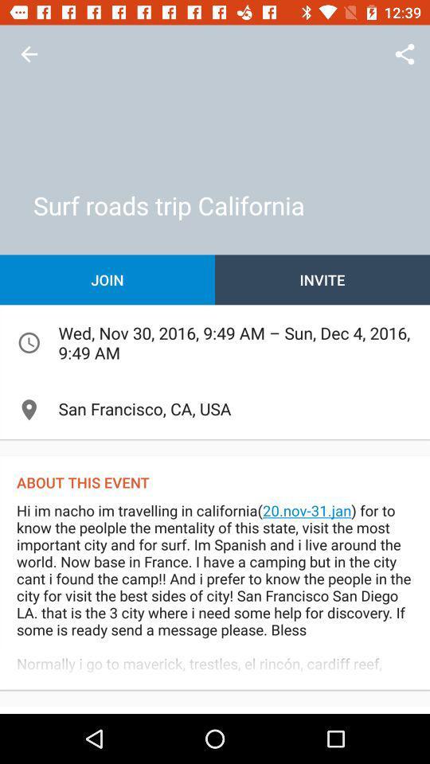  Describe the element at coordinates (29, 54) in the screenshot. I see `go back` at that location.